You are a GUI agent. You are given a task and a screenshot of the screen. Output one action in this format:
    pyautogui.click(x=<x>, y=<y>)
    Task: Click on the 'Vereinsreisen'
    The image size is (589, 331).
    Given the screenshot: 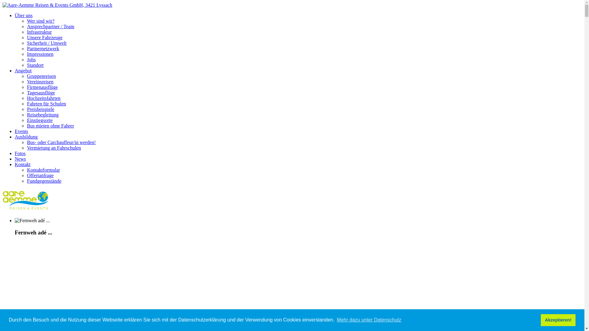 What is the action you would take?
    pyautogui.click(x=40, y=81)
    